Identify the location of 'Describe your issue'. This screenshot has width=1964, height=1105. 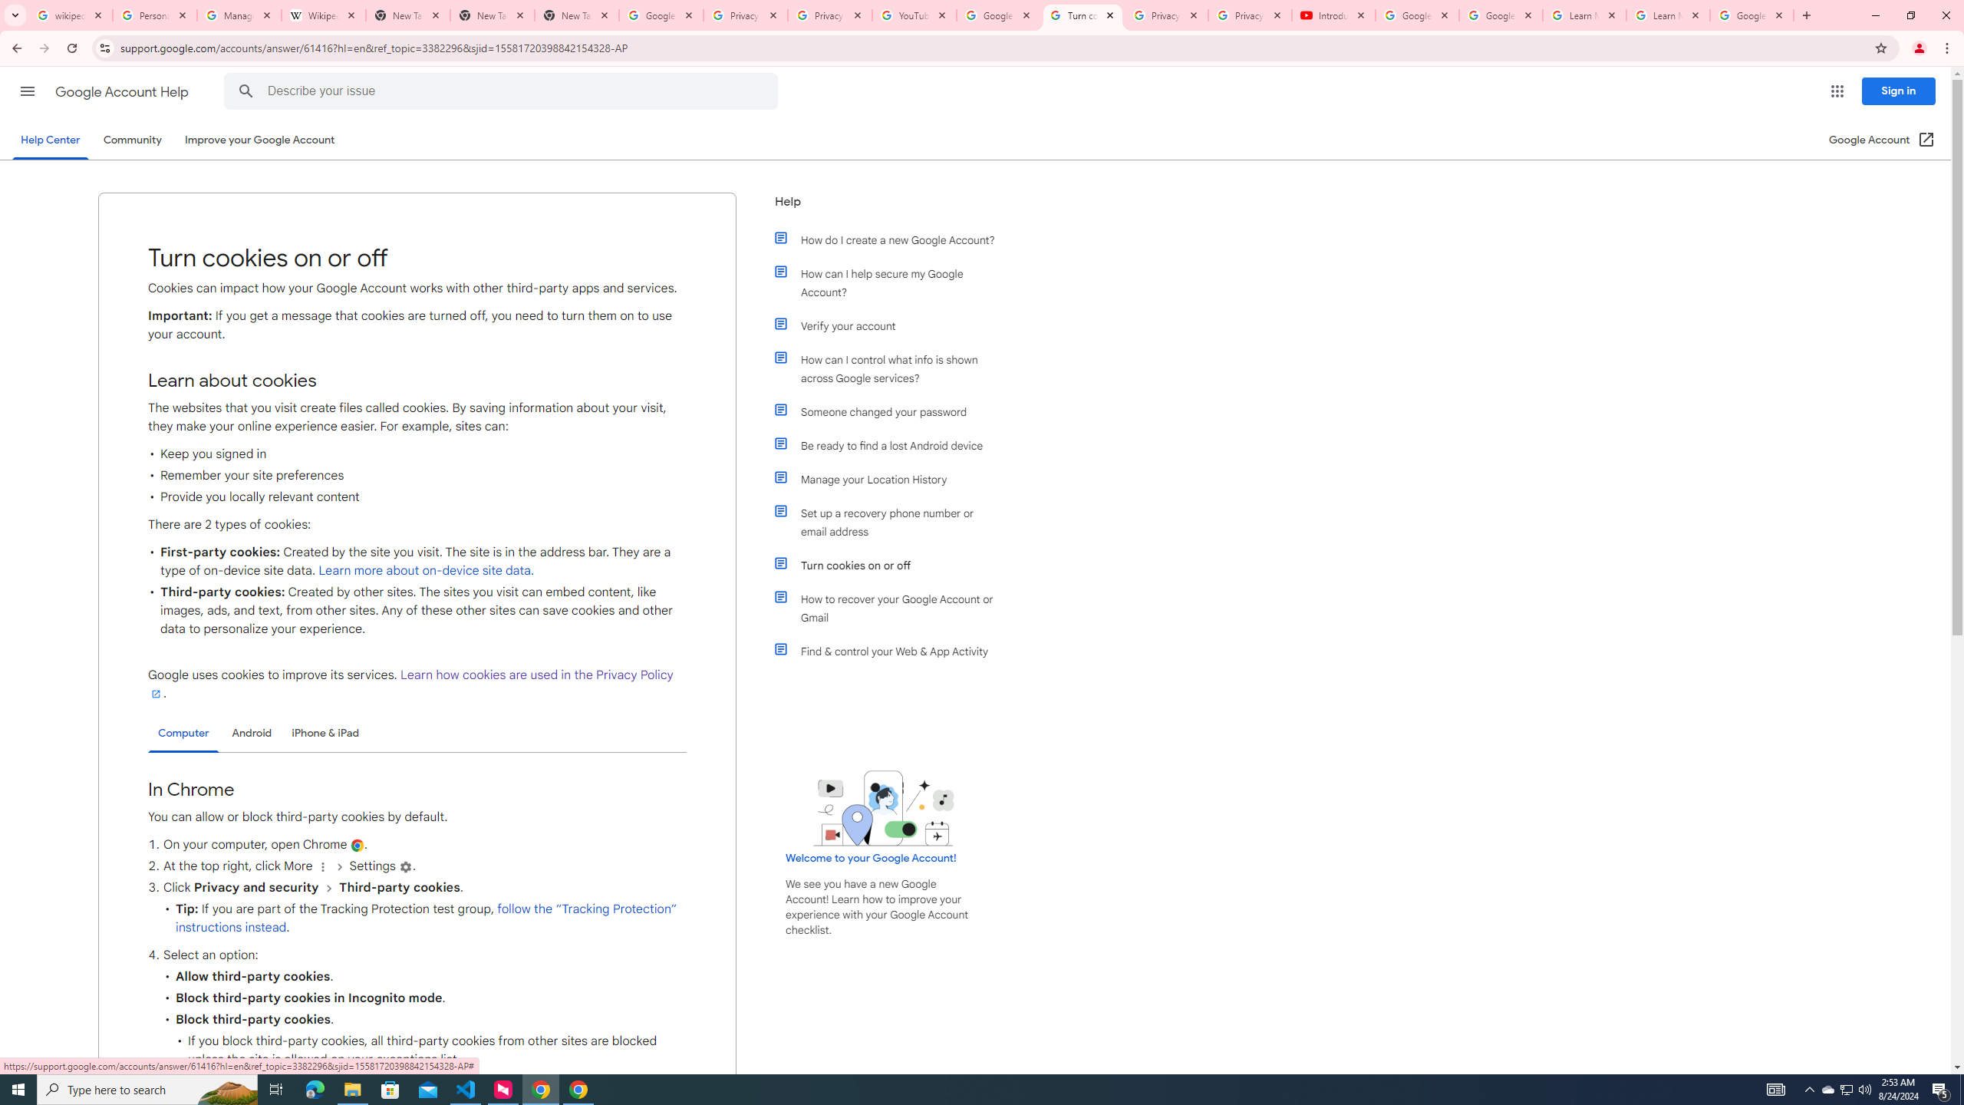
(503, 91).